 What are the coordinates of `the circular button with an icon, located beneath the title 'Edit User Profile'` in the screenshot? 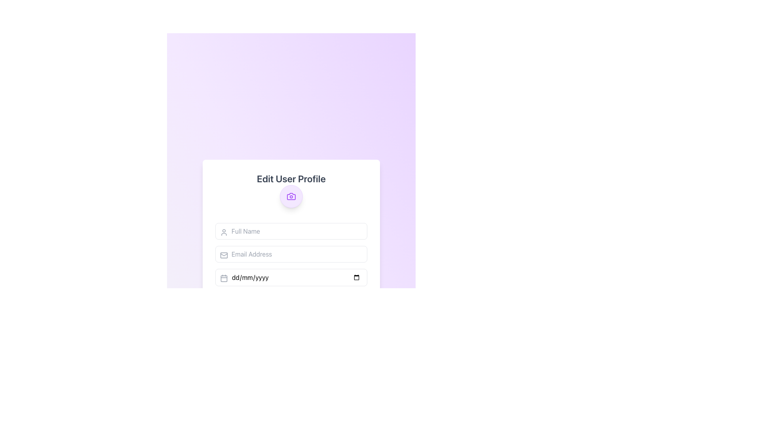 It's located at (291, 197).